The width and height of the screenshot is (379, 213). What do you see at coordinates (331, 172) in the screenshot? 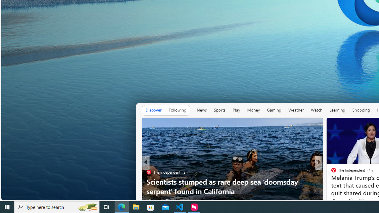
I see `'The Independent'` at bounding box center [331, 172].